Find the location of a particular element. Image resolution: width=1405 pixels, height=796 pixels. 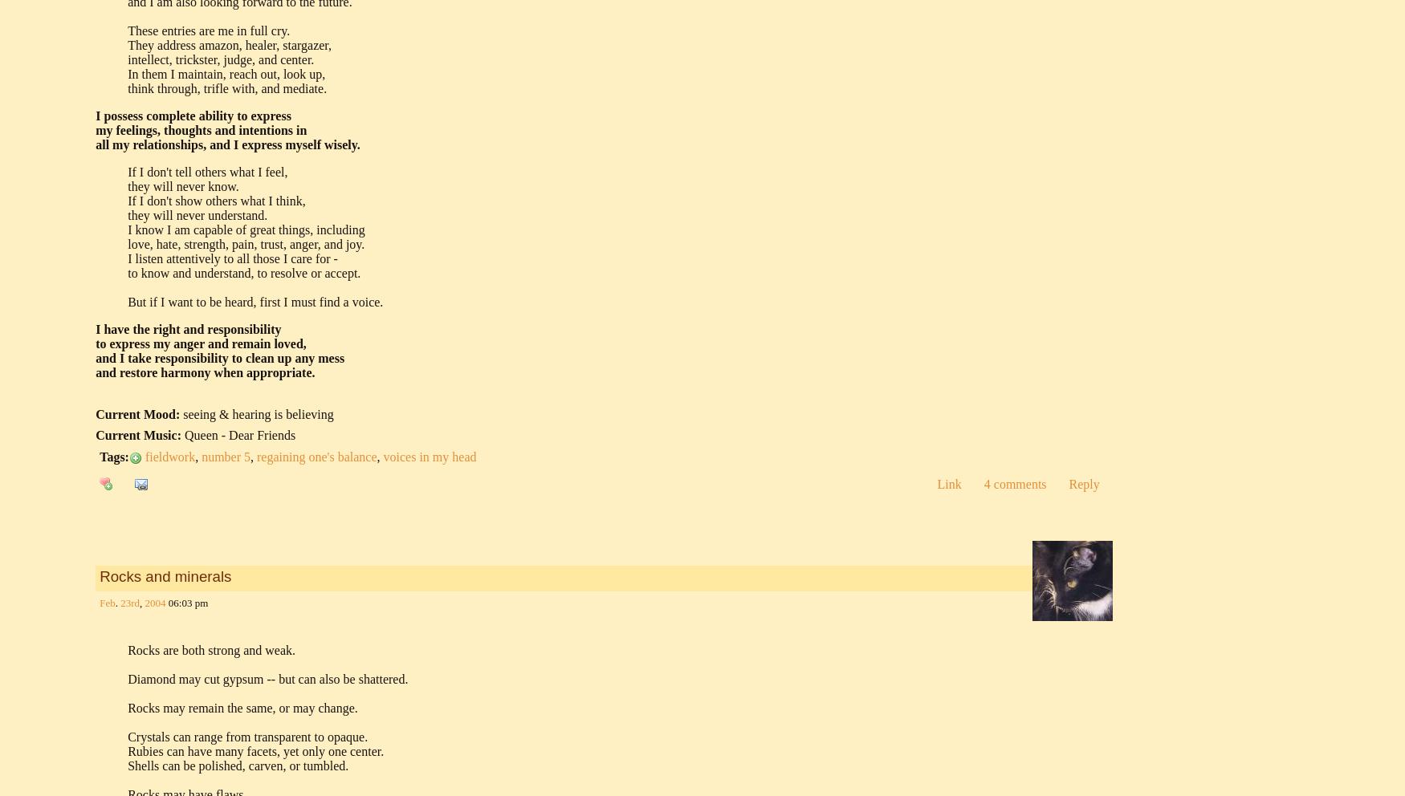

'23rd' is located at coordinates (129, 601).